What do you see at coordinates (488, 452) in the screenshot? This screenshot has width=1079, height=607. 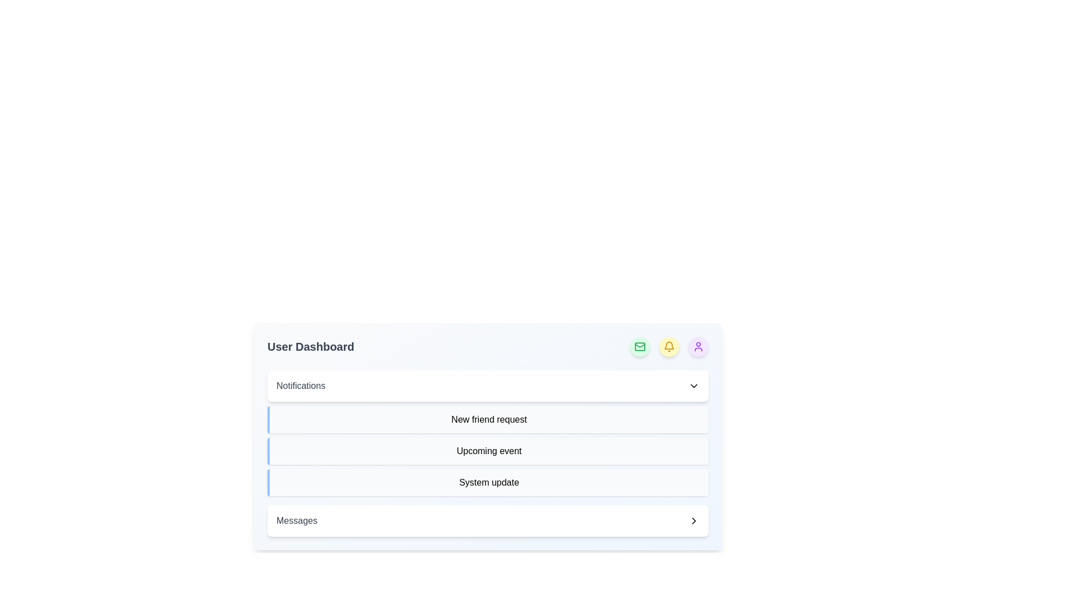 I see `the 'Upcoming event' notification in the notifications list` at bounding box center [488, 452].